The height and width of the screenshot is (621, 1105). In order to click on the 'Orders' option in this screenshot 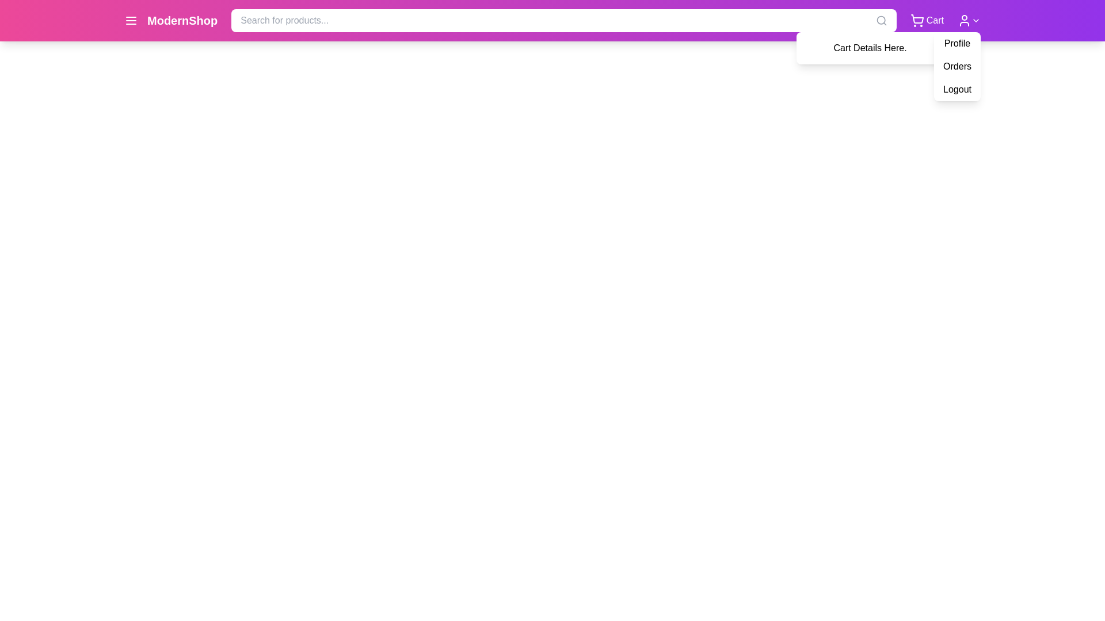, I will do `click(957, 66)`.